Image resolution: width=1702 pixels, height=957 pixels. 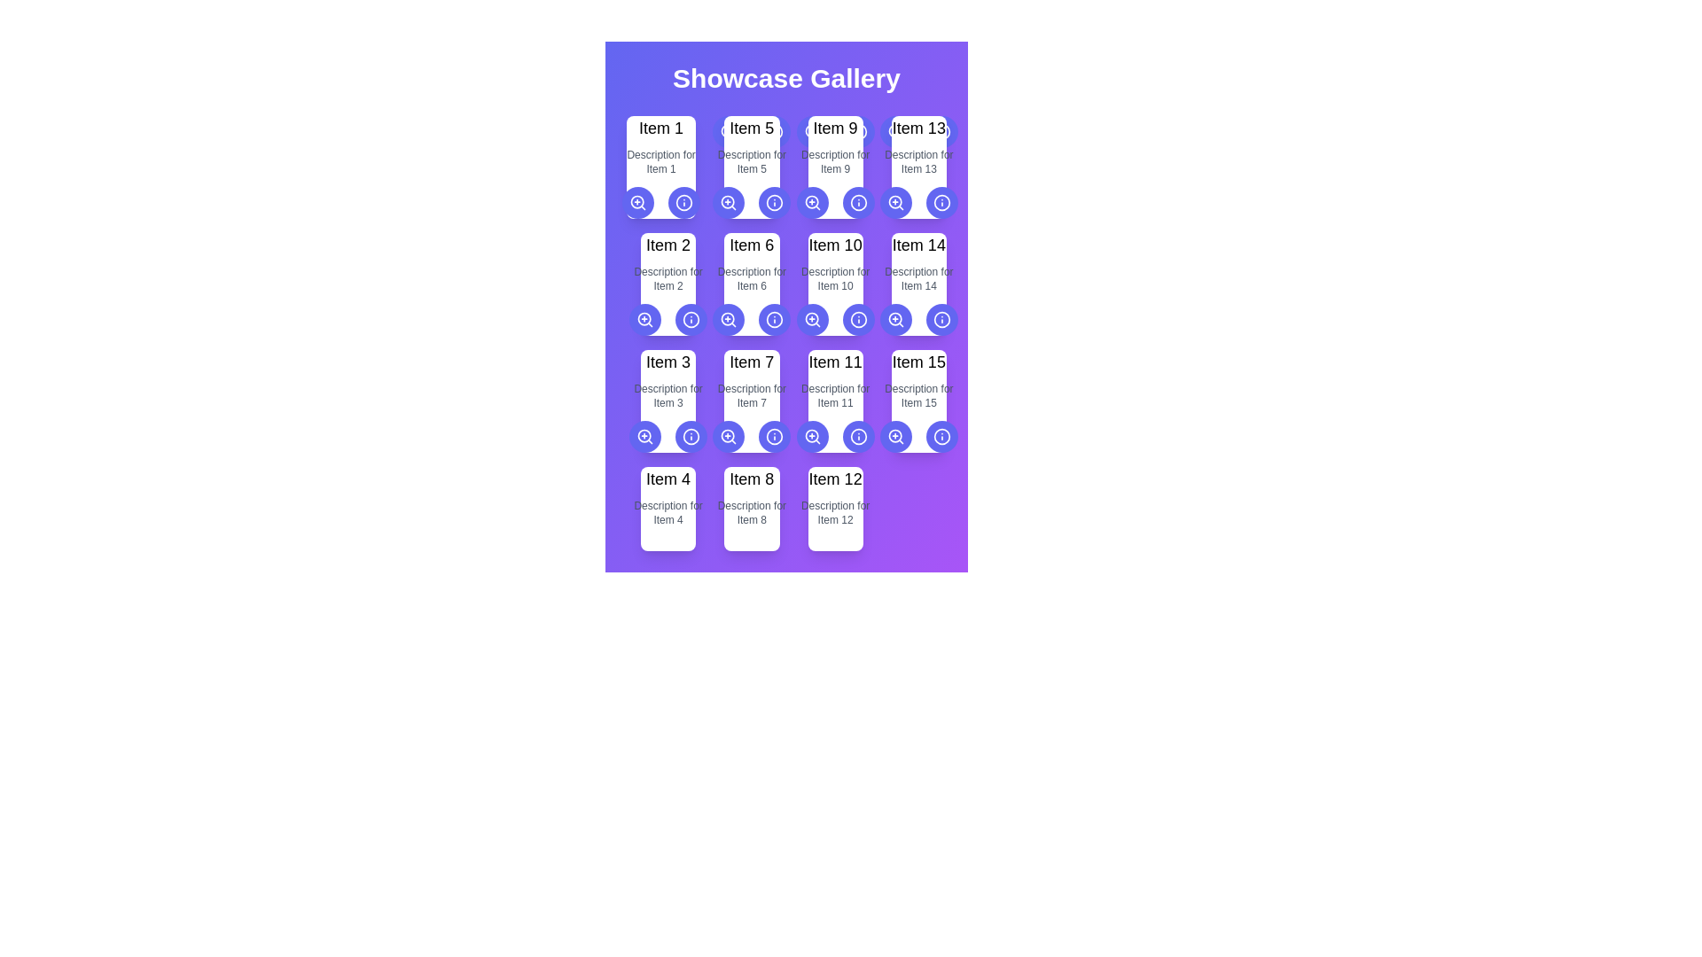 I want to click on the information button for 'Item 6' located in the third column of the second row to change its color, so click(x=691, y=320).